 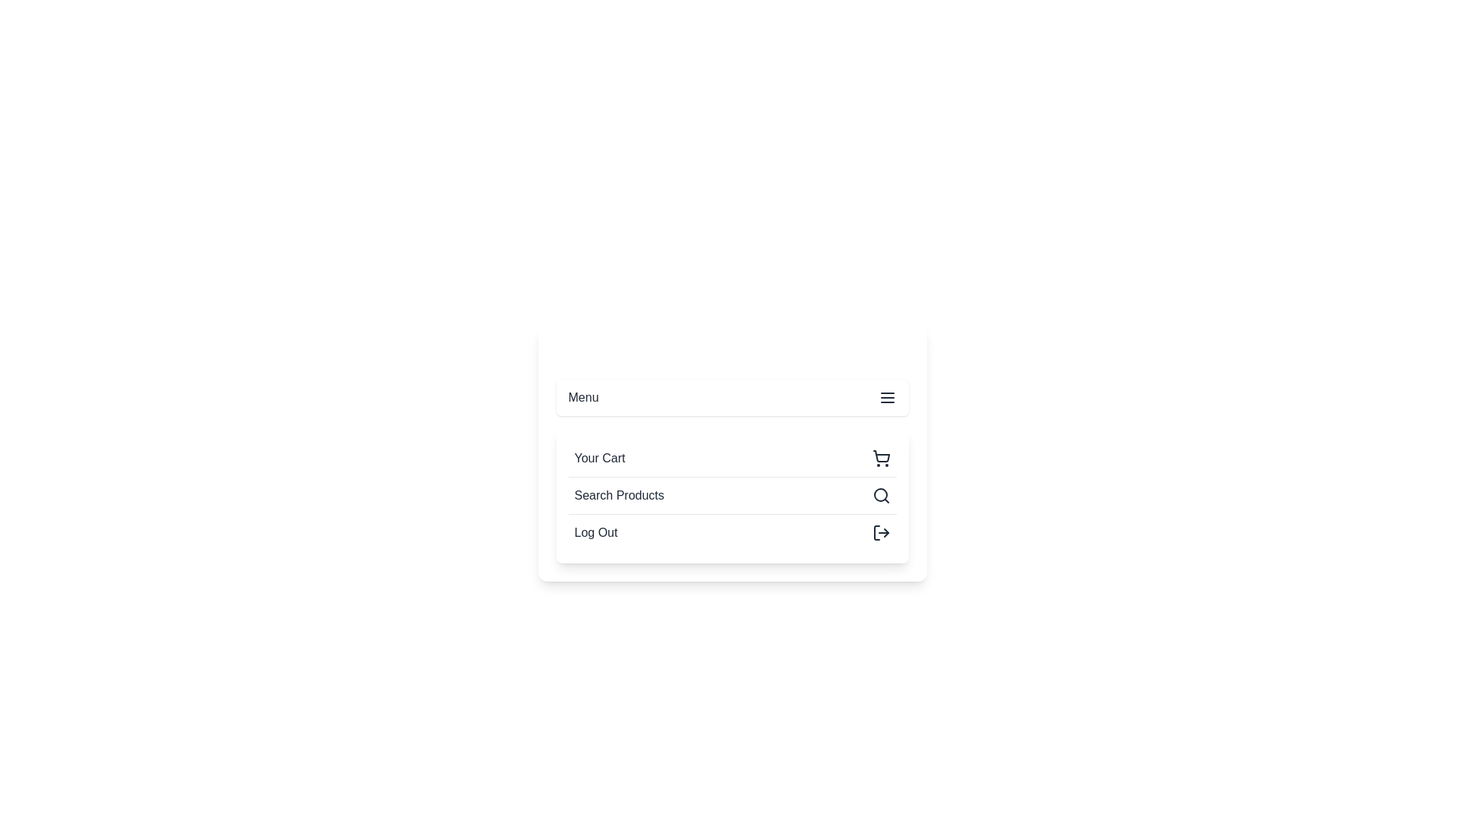 What do you see at coordinates (732, 495) in the screenshot?
I see `the clickable list item that initiates a search function, located in the E-Commerce Dashboard, specifically the second row below 'Your Cart'` at bounding box center [732, 495].